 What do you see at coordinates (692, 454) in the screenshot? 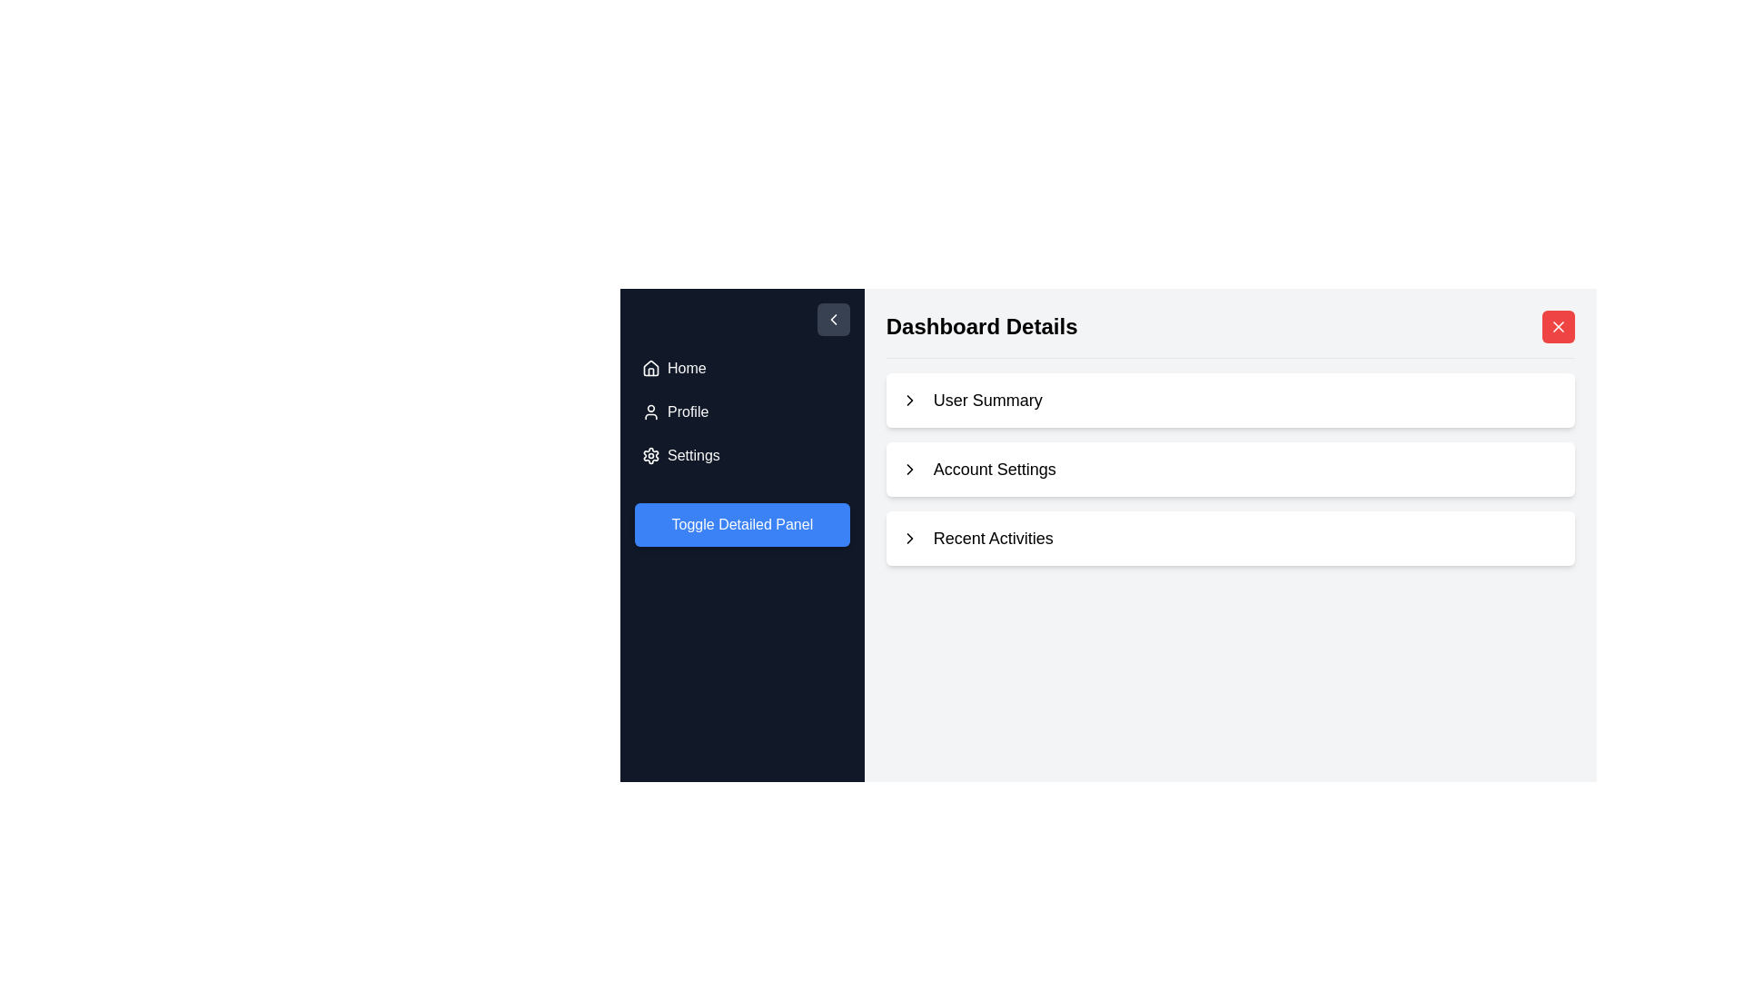
I see `the 'Settings' navigation menu item` at bounding box center [692, 454].